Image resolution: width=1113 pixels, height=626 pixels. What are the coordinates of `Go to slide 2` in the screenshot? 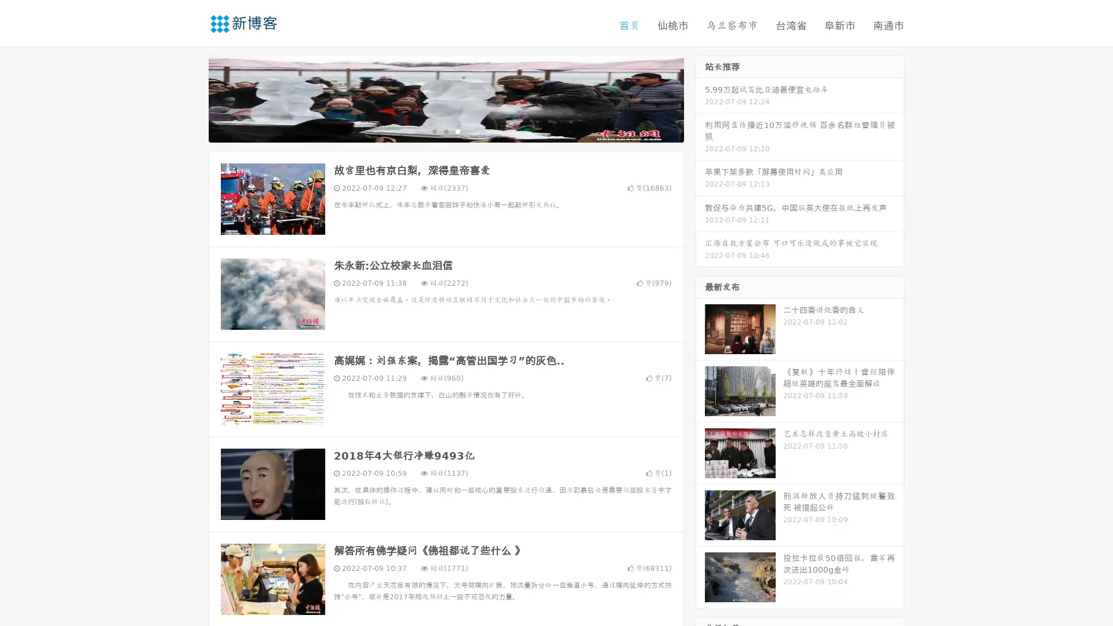 It's located at (445, 130).